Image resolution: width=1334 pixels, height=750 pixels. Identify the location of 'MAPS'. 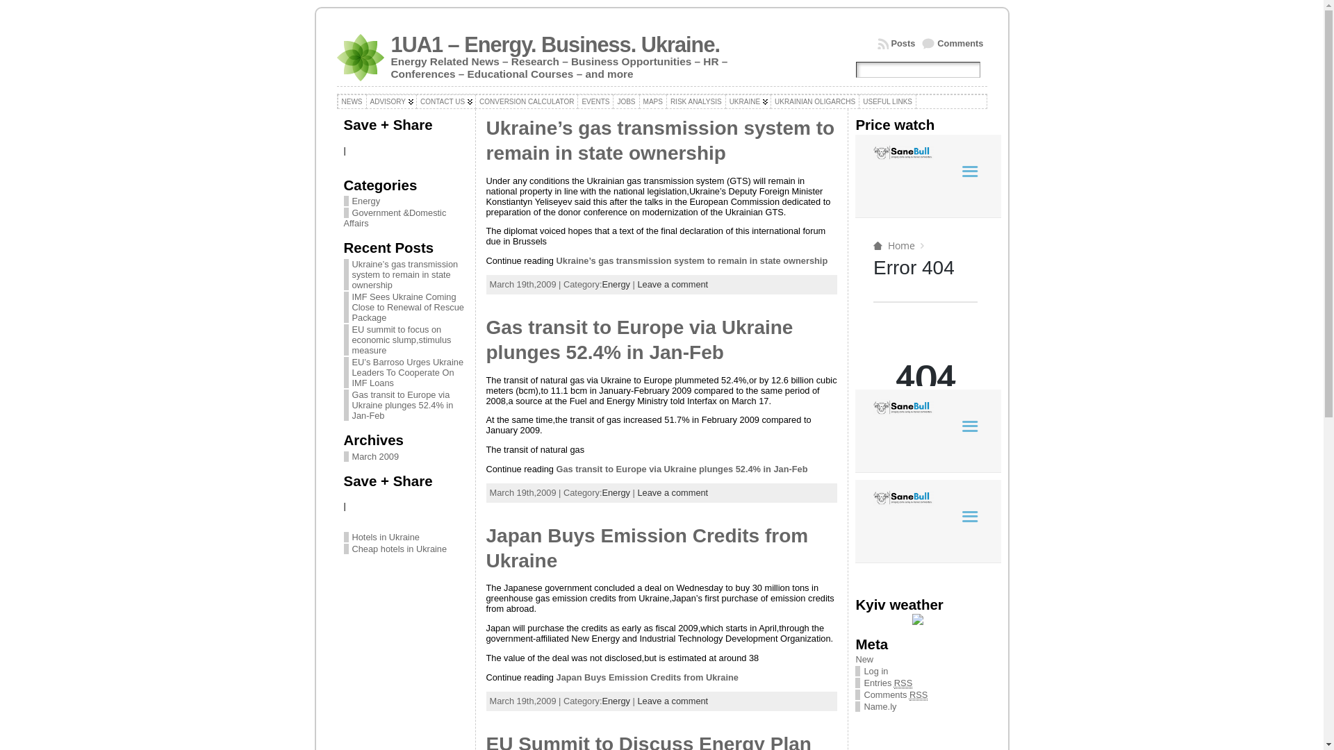
(652, 101).